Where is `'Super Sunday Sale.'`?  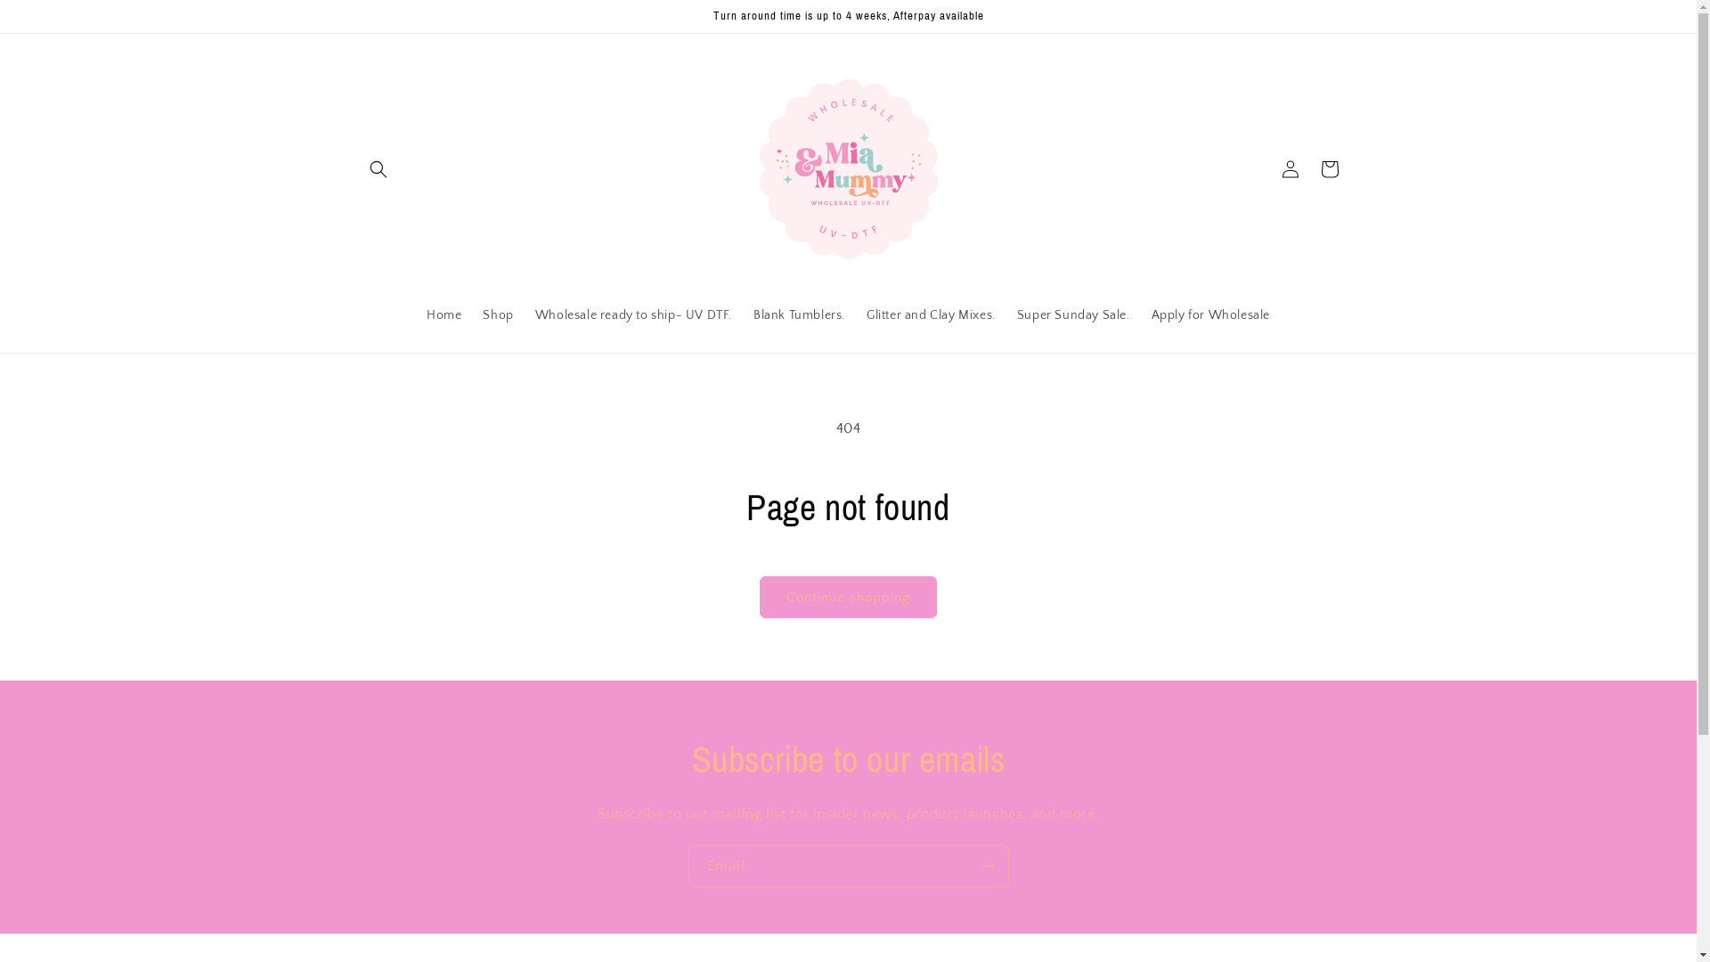 'Super Sunday Sale.' is located at coordinates (1072, 314).